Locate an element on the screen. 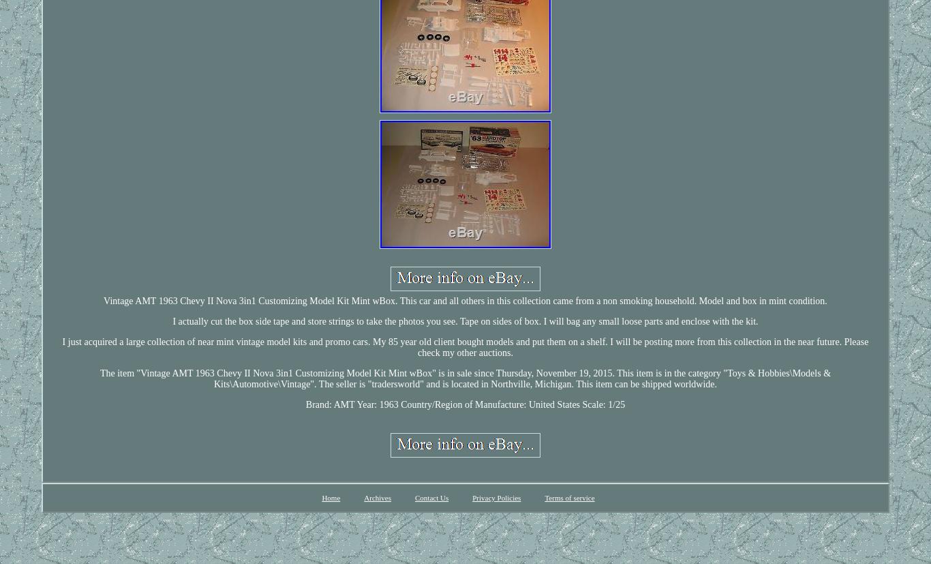 Image resolution: width=931 pixels, height=564 pixels. 'Scale: 1/25' is located at coordinates (602, 404).